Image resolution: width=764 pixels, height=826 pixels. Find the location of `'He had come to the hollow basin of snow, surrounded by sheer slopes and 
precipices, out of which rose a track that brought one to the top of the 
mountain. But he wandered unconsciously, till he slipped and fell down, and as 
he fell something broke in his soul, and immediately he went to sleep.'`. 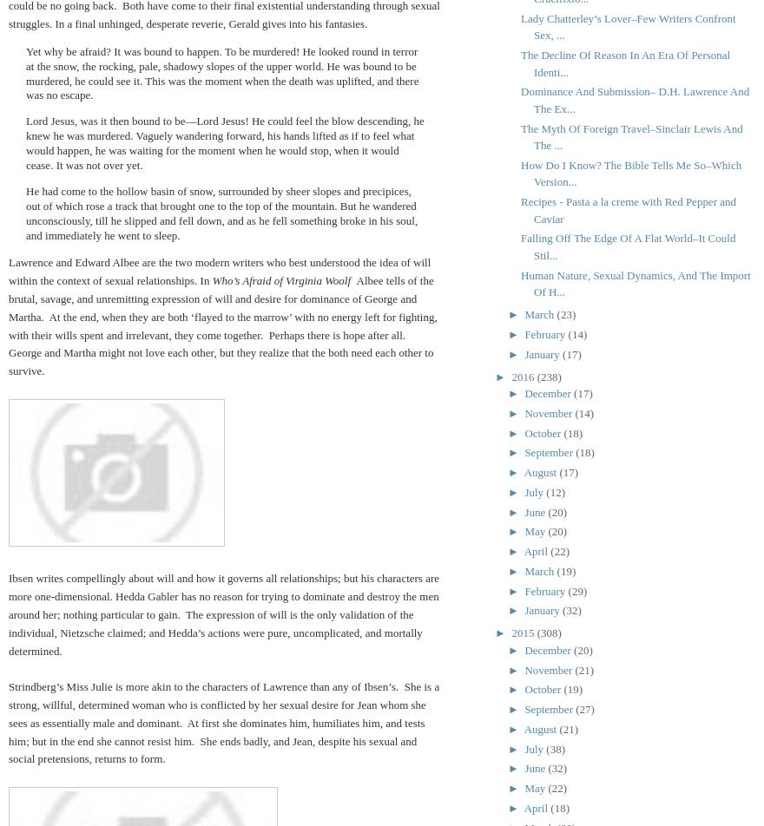

'He had come to the hollow basin of snow, surrounded by sheer slopes and 
precipices, out of which rose a track that brought one to the top of the 
mountain. But he wandered unconsciously, till he slipped and fell down, and as 
he fell something broke in his soul, and immediately he went to sleep.' is located at coordinates (25, 212).